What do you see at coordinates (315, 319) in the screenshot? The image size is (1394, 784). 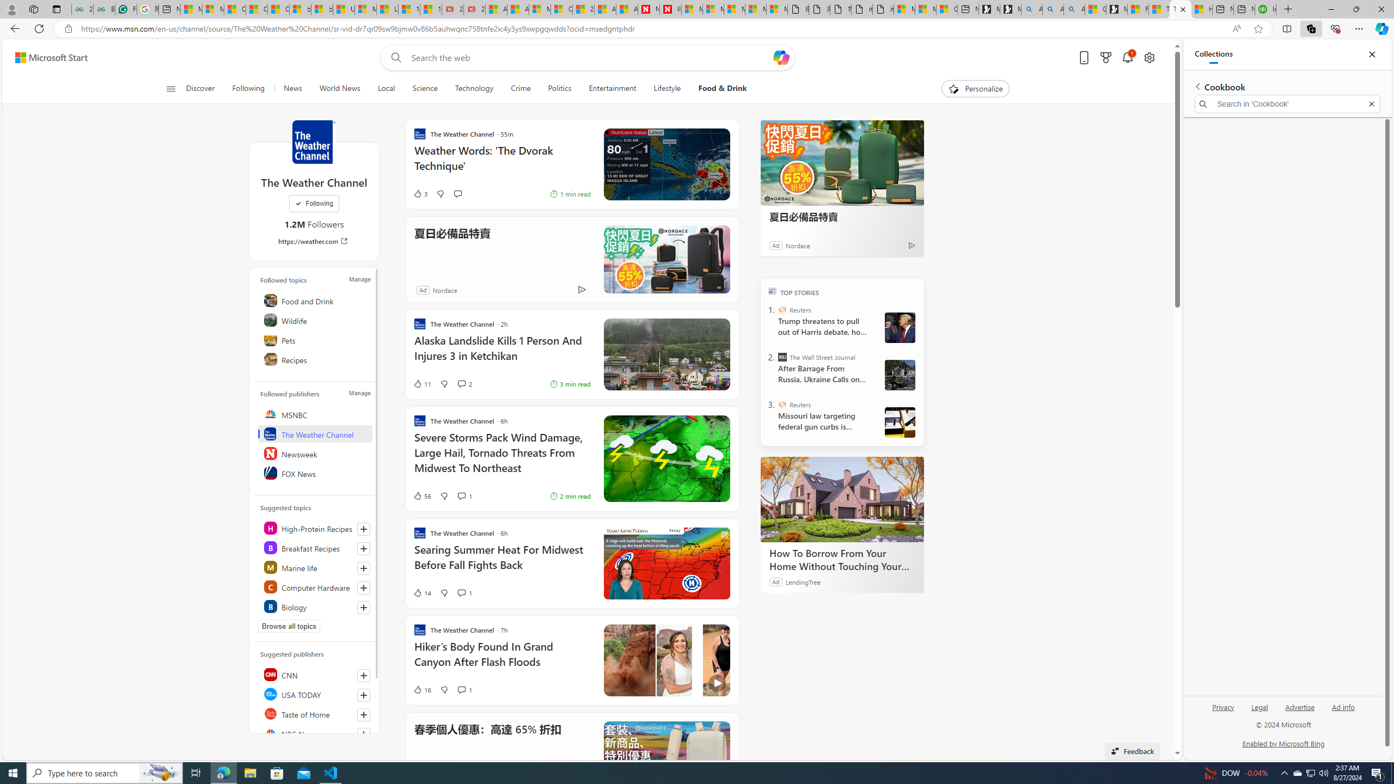 I see `'Wildlife'` at bounding box center [315, 319].